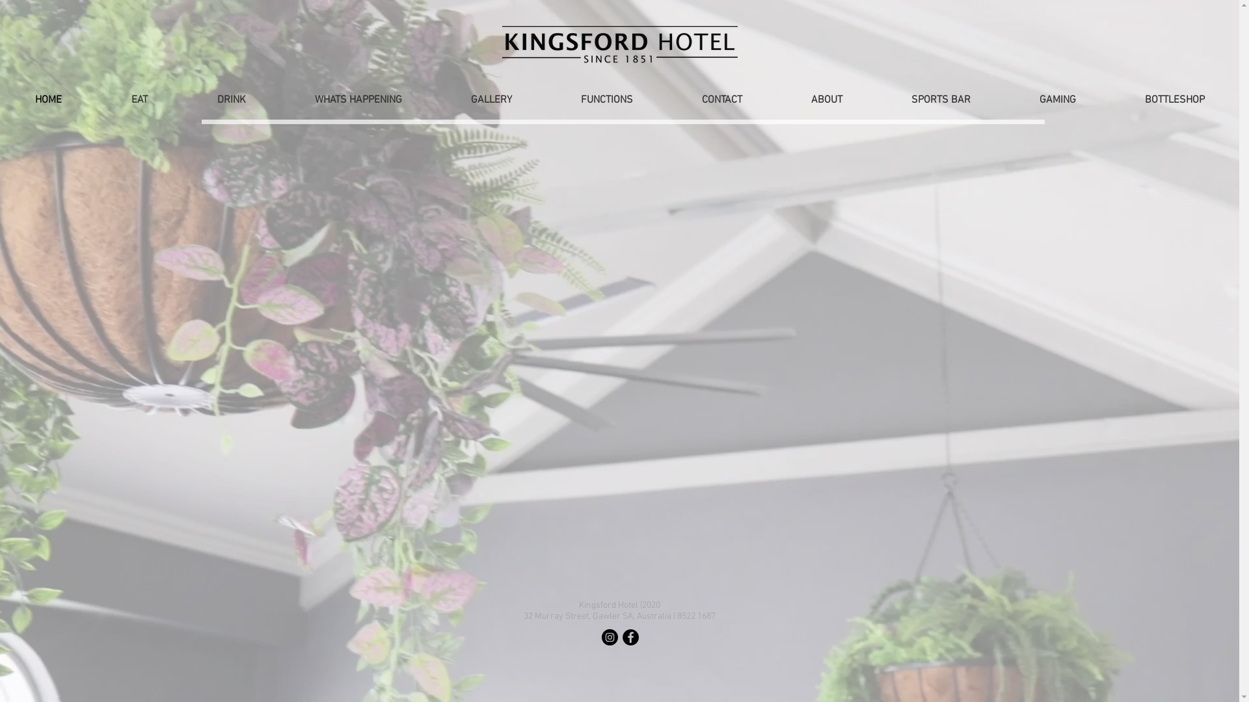  Describe the element at coordinates (0, 99) in the screenshot. I see `'HOME'` at that location.